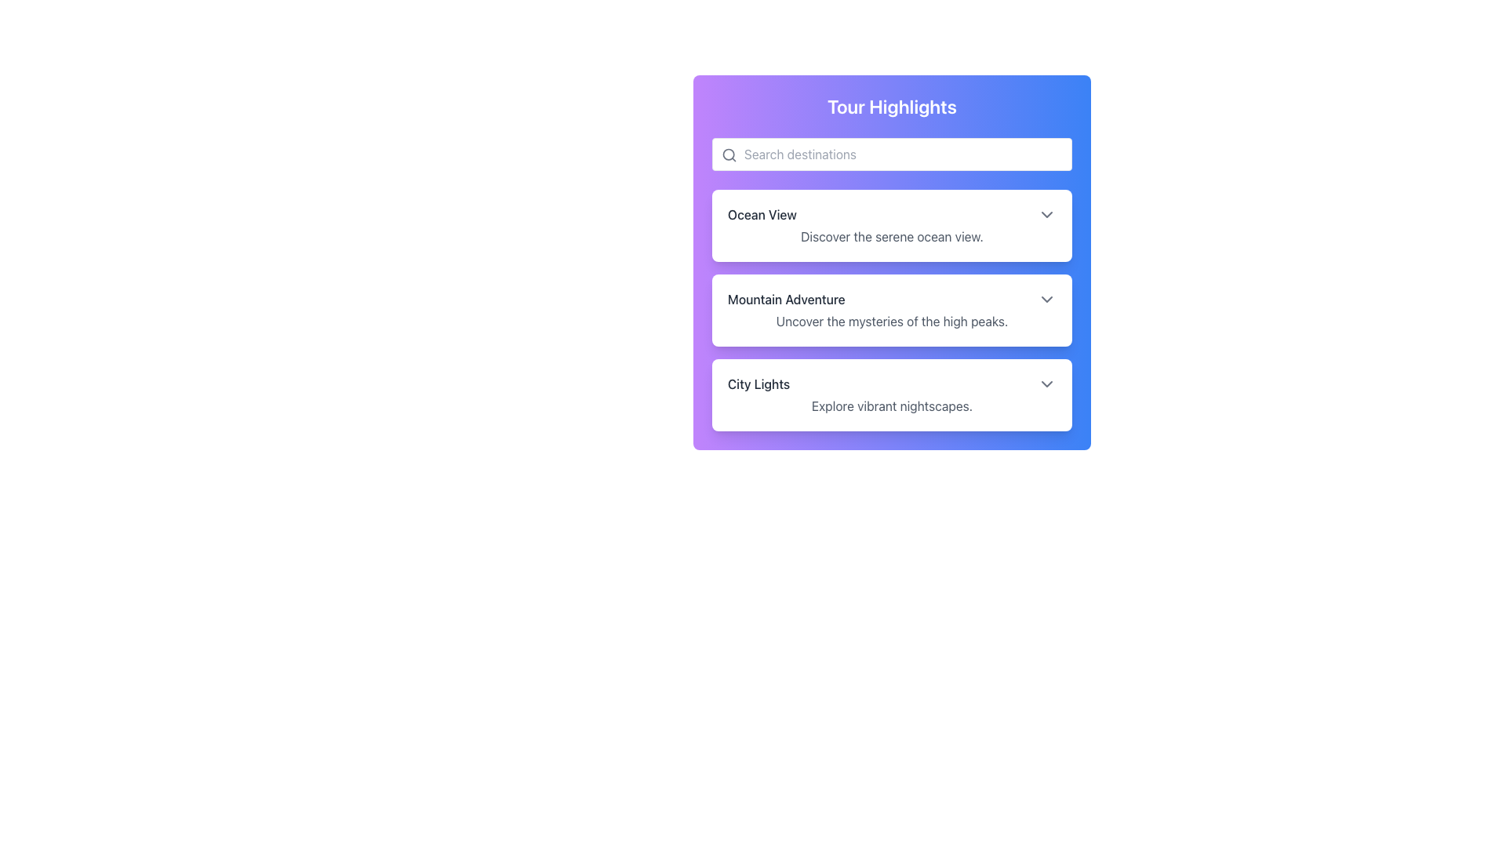 This screenshot has width=1506, height=847. What do you see at coordinates (1046, 384) in the screenshot?
I see `the downward-facing chevron icon styled in dark gray, located to the right of the text 'City Lights'` at bounding box center [1046, 384].